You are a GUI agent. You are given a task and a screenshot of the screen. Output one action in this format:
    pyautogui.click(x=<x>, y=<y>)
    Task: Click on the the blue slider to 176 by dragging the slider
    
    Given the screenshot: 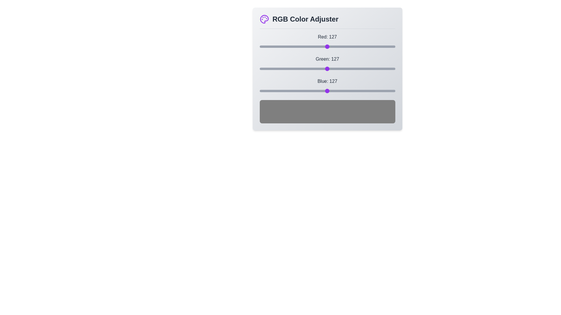 What is the action you would take?
    pyautogui.click(x=353, y=91)
    